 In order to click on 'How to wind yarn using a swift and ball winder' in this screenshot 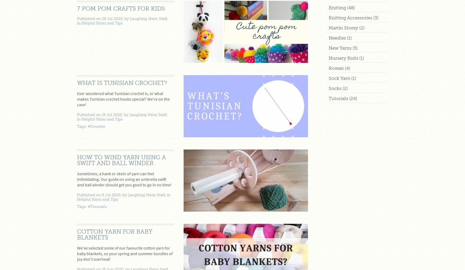, I will do `click(121, 160)`.